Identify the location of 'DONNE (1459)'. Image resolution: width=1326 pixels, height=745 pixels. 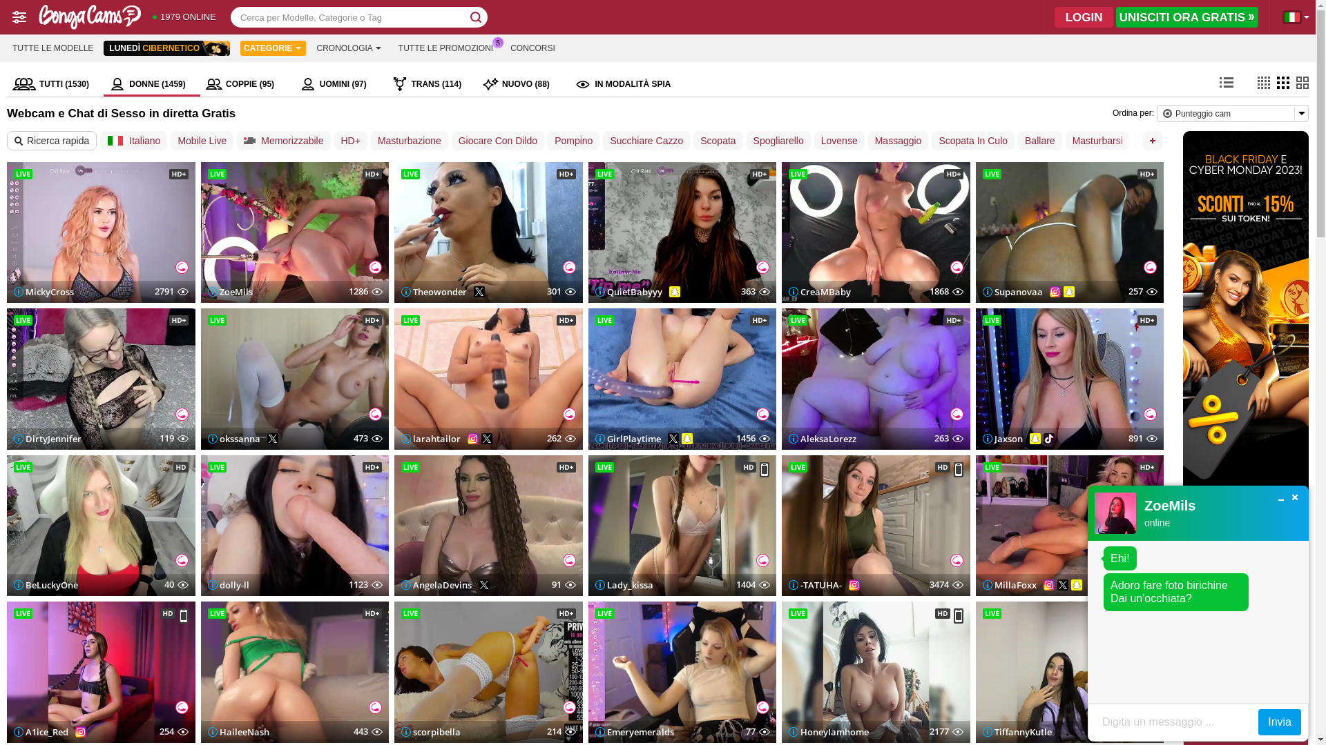
(102, 84).